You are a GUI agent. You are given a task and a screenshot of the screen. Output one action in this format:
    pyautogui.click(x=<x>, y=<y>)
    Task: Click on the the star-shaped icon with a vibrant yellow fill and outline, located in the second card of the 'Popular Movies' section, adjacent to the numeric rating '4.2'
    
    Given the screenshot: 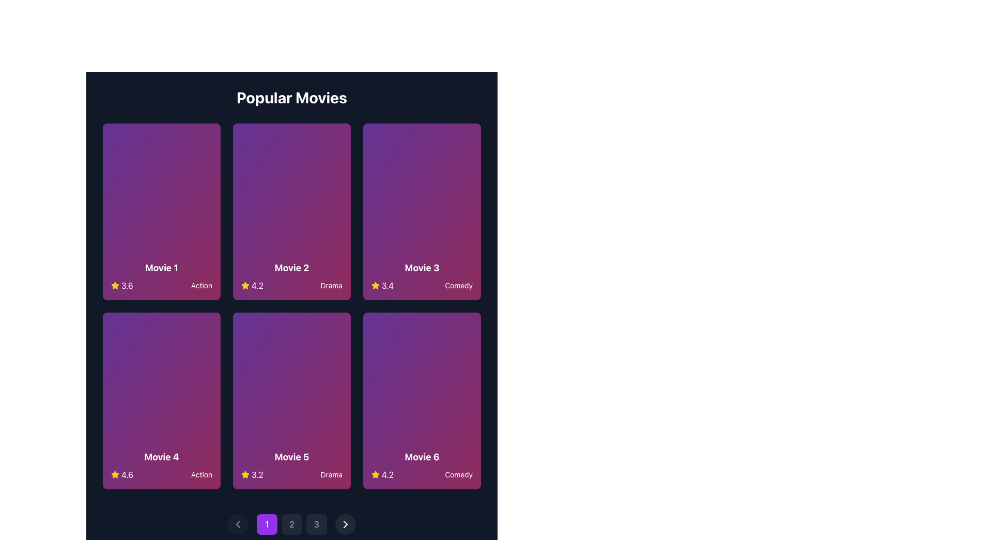 What is the action you would take?
    pyautogui.click(x=245, y=285)
    